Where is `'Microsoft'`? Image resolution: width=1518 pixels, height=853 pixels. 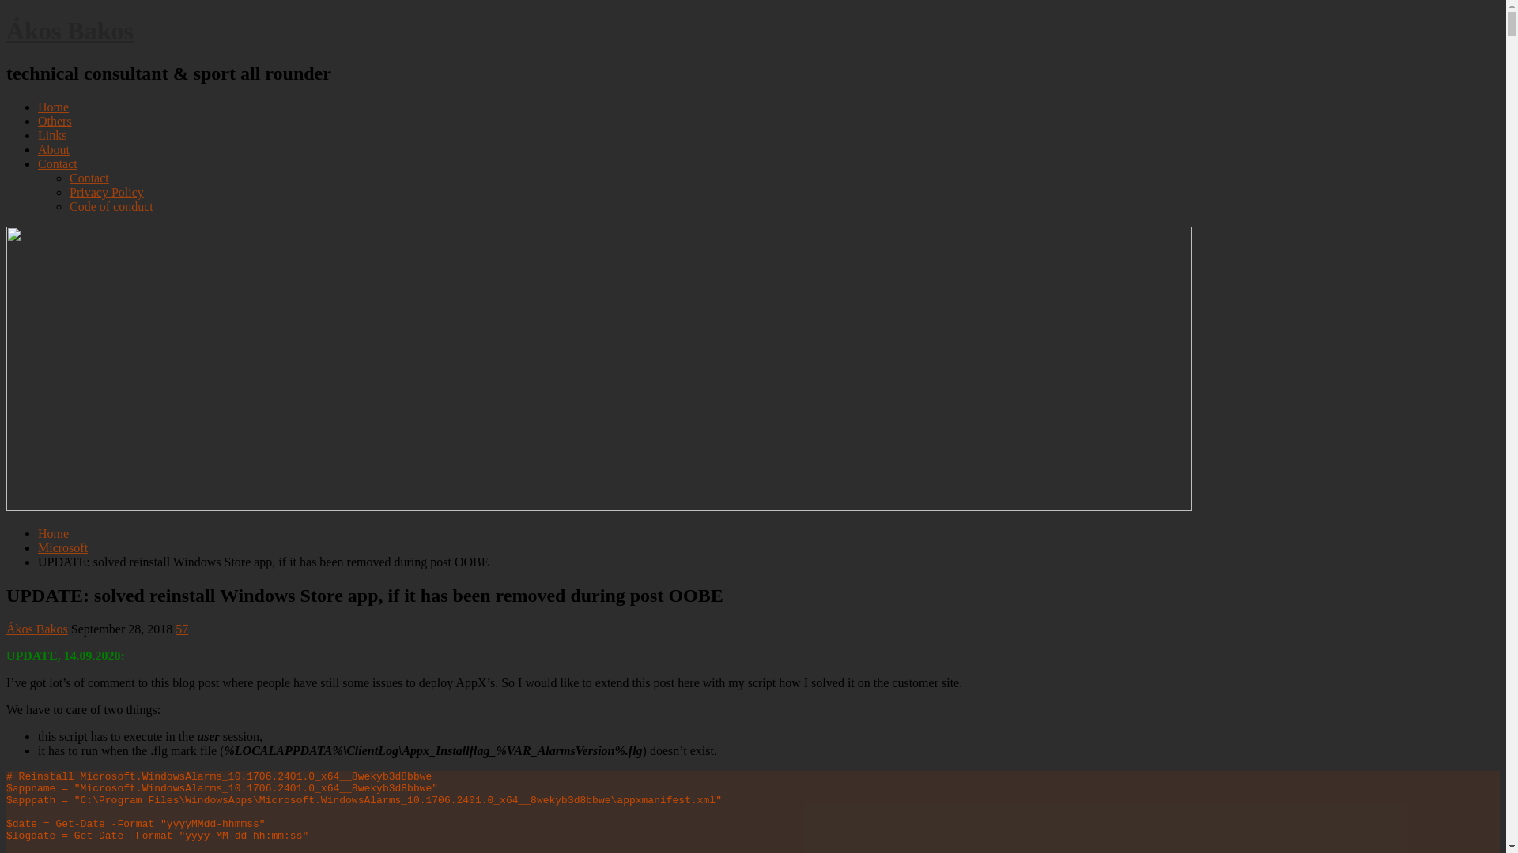
'Microsoft' is located at coordinates (62, 547).